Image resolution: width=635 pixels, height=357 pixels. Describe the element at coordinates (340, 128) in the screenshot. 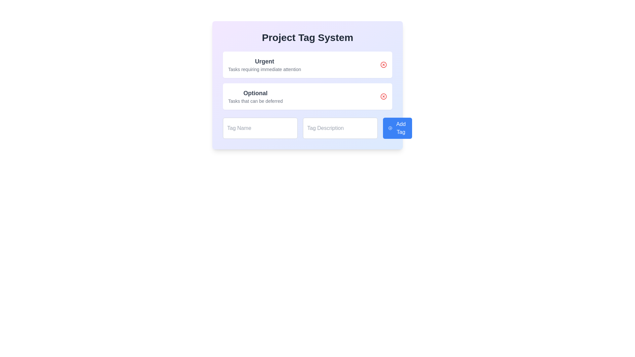

I see `the 'Tag Description' text input field to focus on it` at that location.